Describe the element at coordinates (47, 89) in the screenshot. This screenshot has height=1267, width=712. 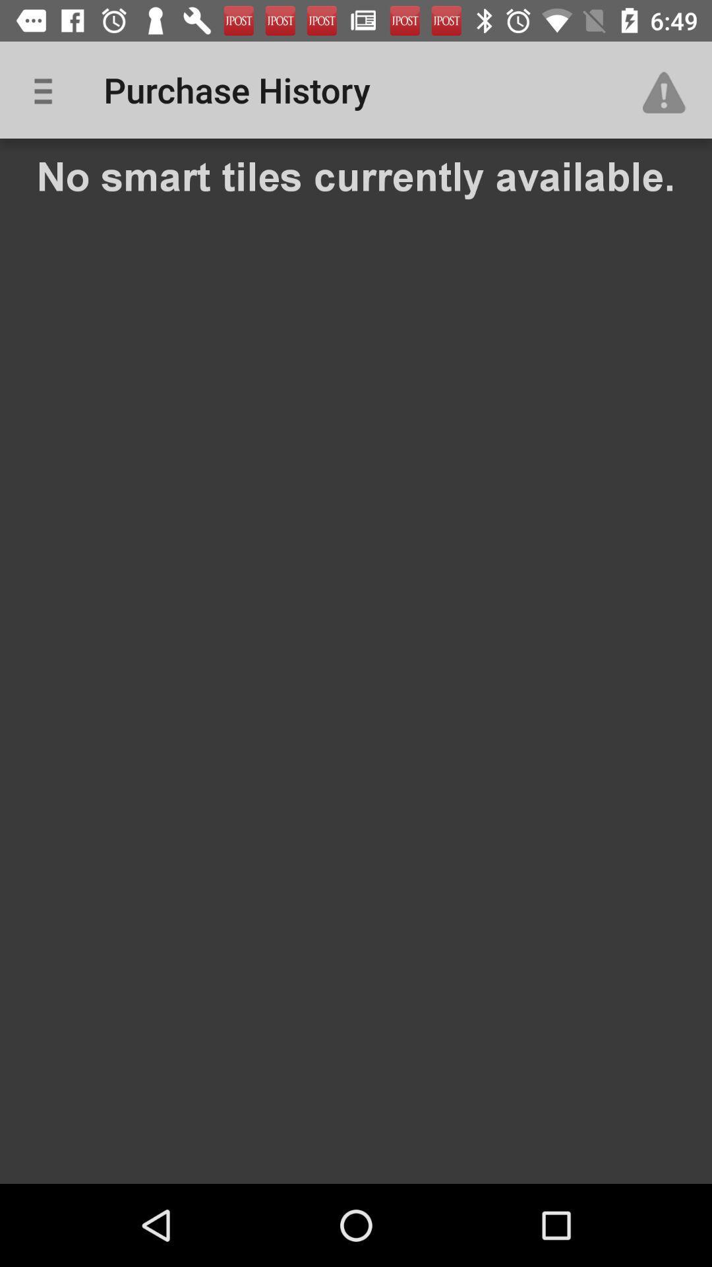
I see `the app to the left of the purchase history item` at that location.